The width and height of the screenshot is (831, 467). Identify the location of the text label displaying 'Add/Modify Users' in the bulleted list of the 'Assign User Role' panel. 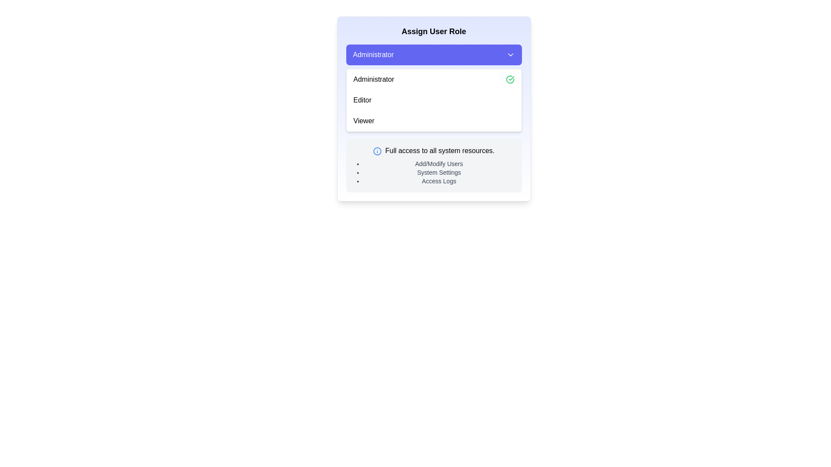
(439, 163).